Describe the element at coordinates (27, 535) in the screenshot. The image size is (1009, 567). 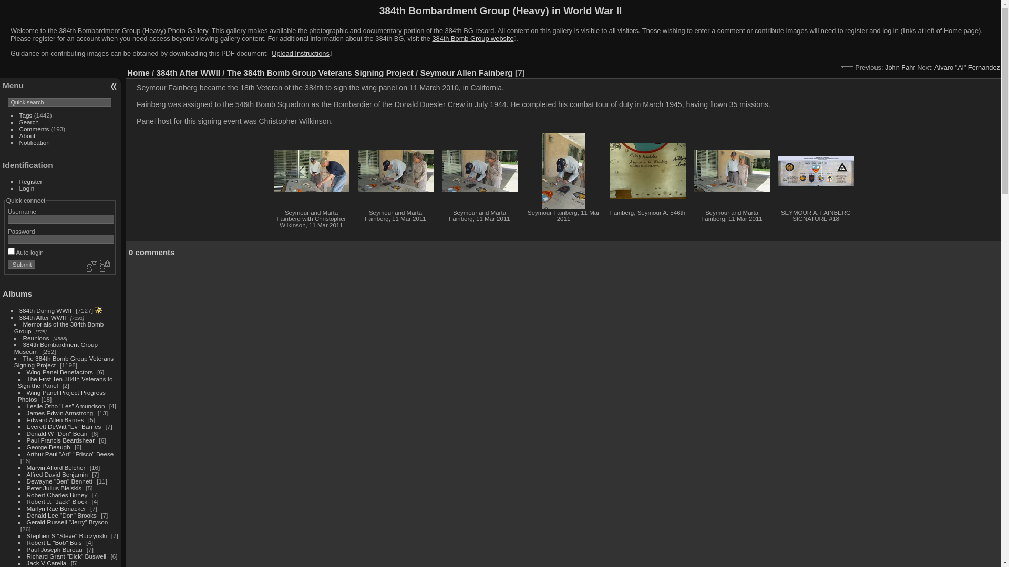
I see `'Stephen S "Steve" Buczynski'` at that location.